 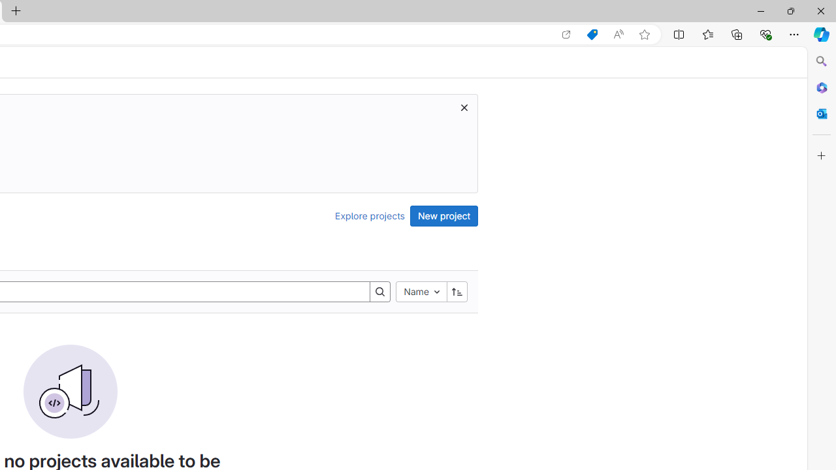 What do you see at coordinates (566, 34) in the screenshot?
I see `'Open in app'` at bounding box center [566, 34].